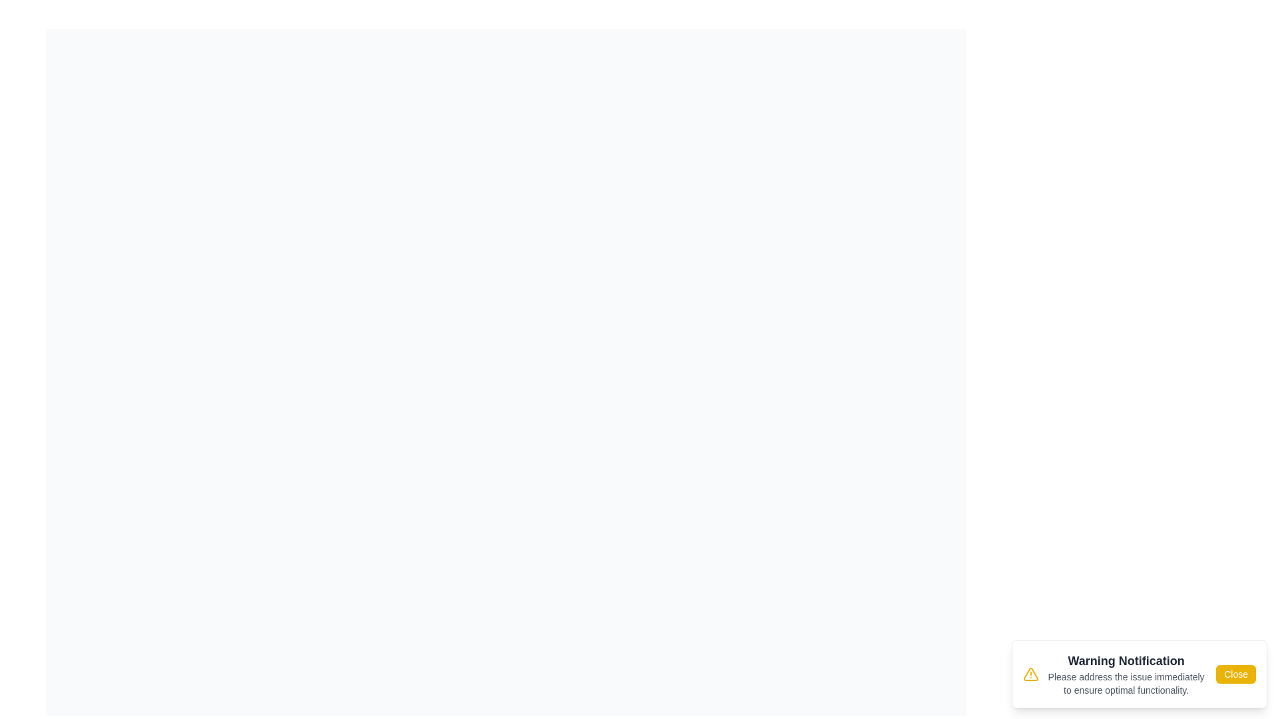 This screenshot has height=719, width=1278. Describe the element at coordinates (1235, 674) in the screenshot. I see `the 'Close' button to dismiss the notification` at that location.